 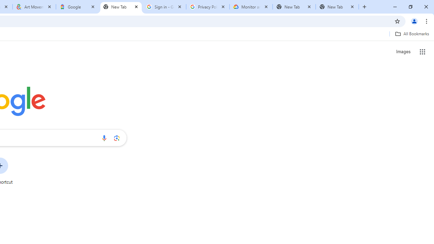 What do you see at coordinates (337, 7) in the screenshot?
I see `'New Tab'` at bounding box center [337, 7].